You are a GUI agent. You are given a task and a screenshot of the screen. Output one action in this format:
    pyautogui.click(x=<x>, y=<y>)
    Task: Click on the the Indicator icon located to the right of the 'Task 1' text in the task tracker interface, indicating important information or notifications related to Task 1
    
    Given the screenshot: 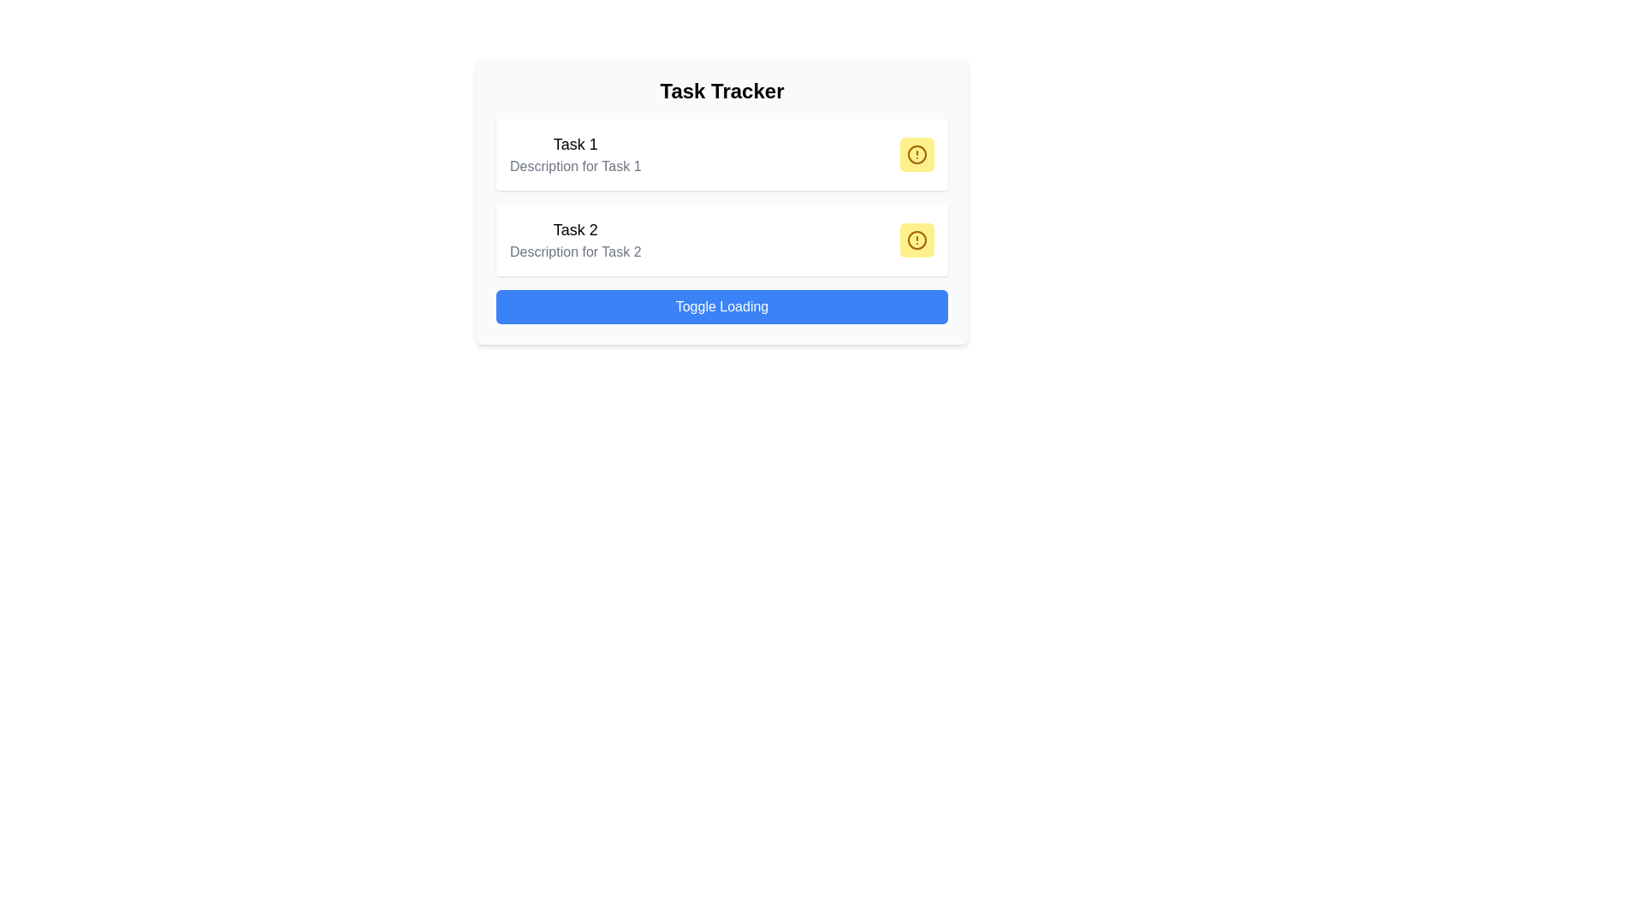 What is the action you would take?
    pyautogui.click(x=916, y=155)
    